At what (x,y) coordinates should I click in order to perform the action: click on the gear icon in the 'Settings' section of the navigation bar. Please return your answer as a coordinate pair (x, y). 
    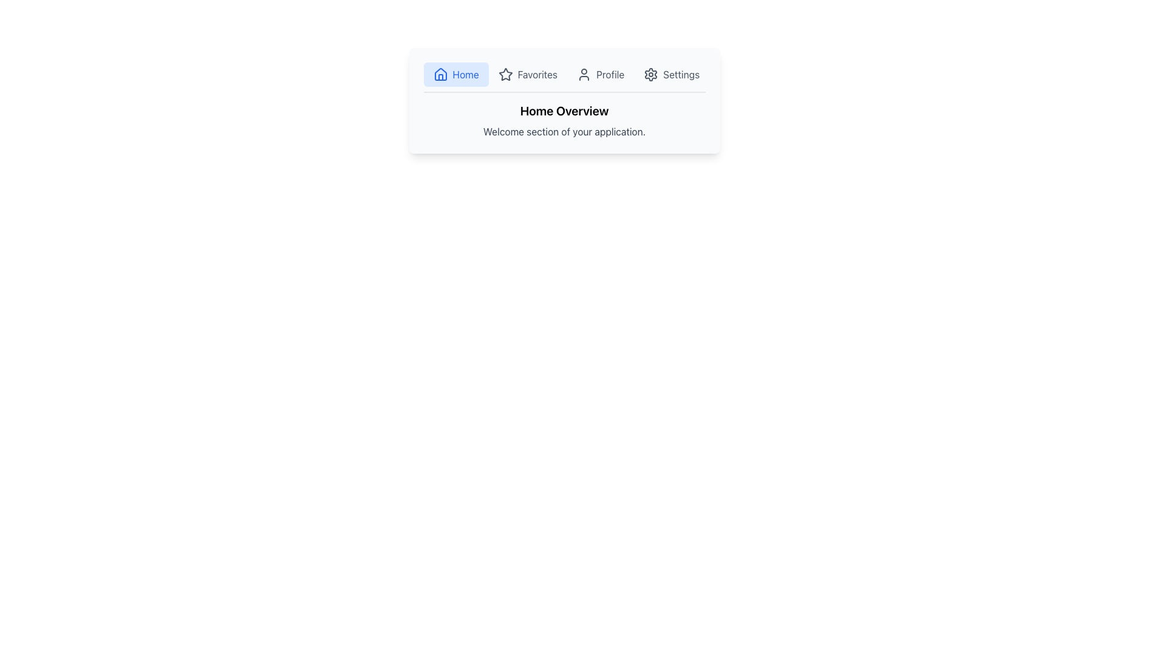
    Looking at the image, I should click on (650, 75).